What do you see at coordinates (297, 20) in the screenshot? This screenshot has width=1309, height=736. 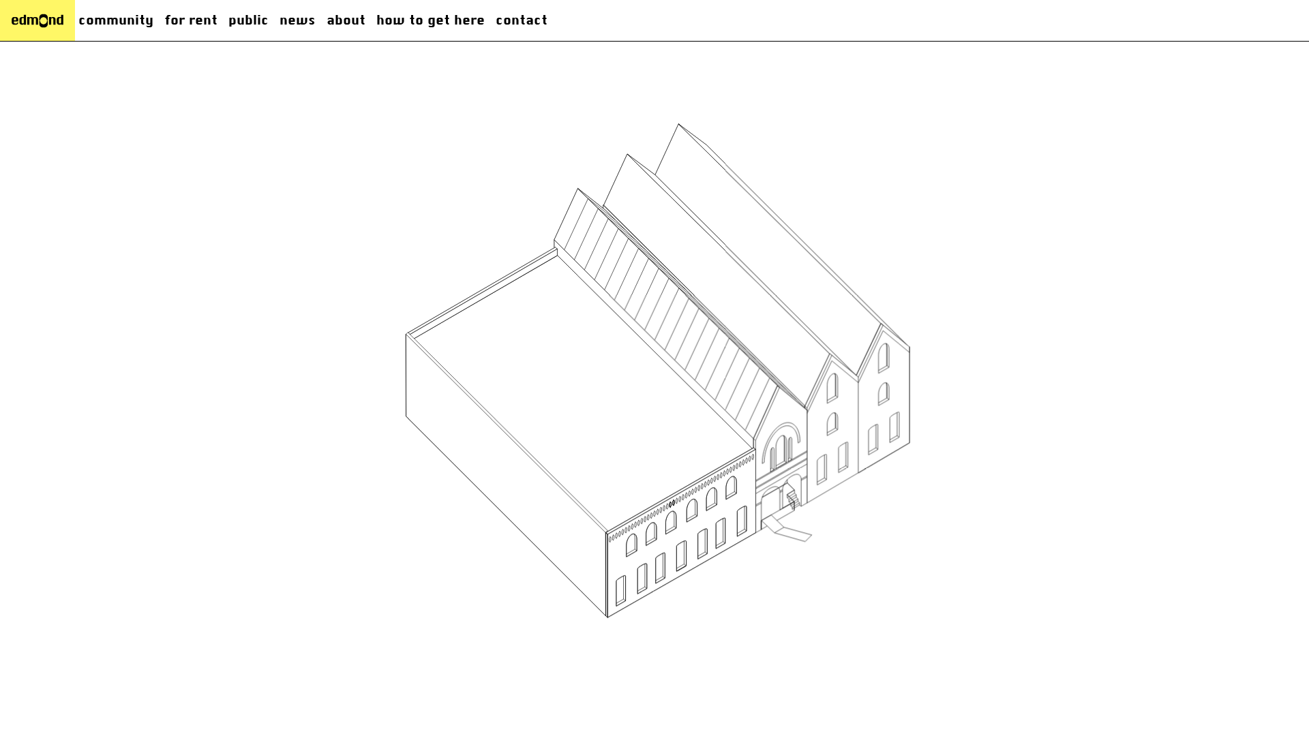 I see `'news'` at bounding box center [297, 20].